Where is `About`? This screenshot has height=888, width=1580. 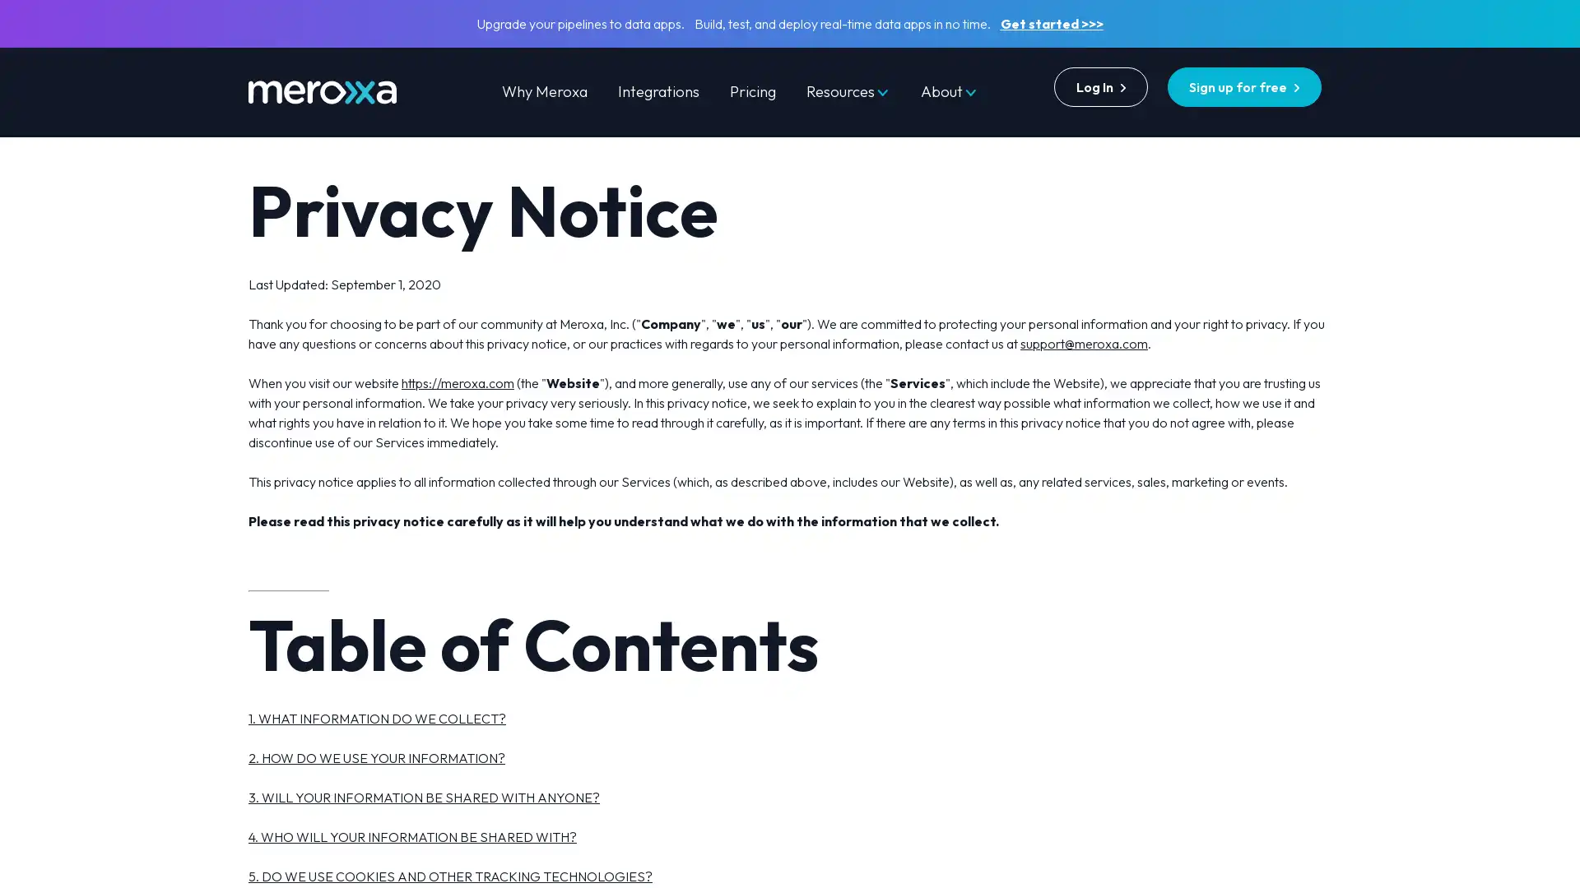
About is located at coordinates (949, 91).